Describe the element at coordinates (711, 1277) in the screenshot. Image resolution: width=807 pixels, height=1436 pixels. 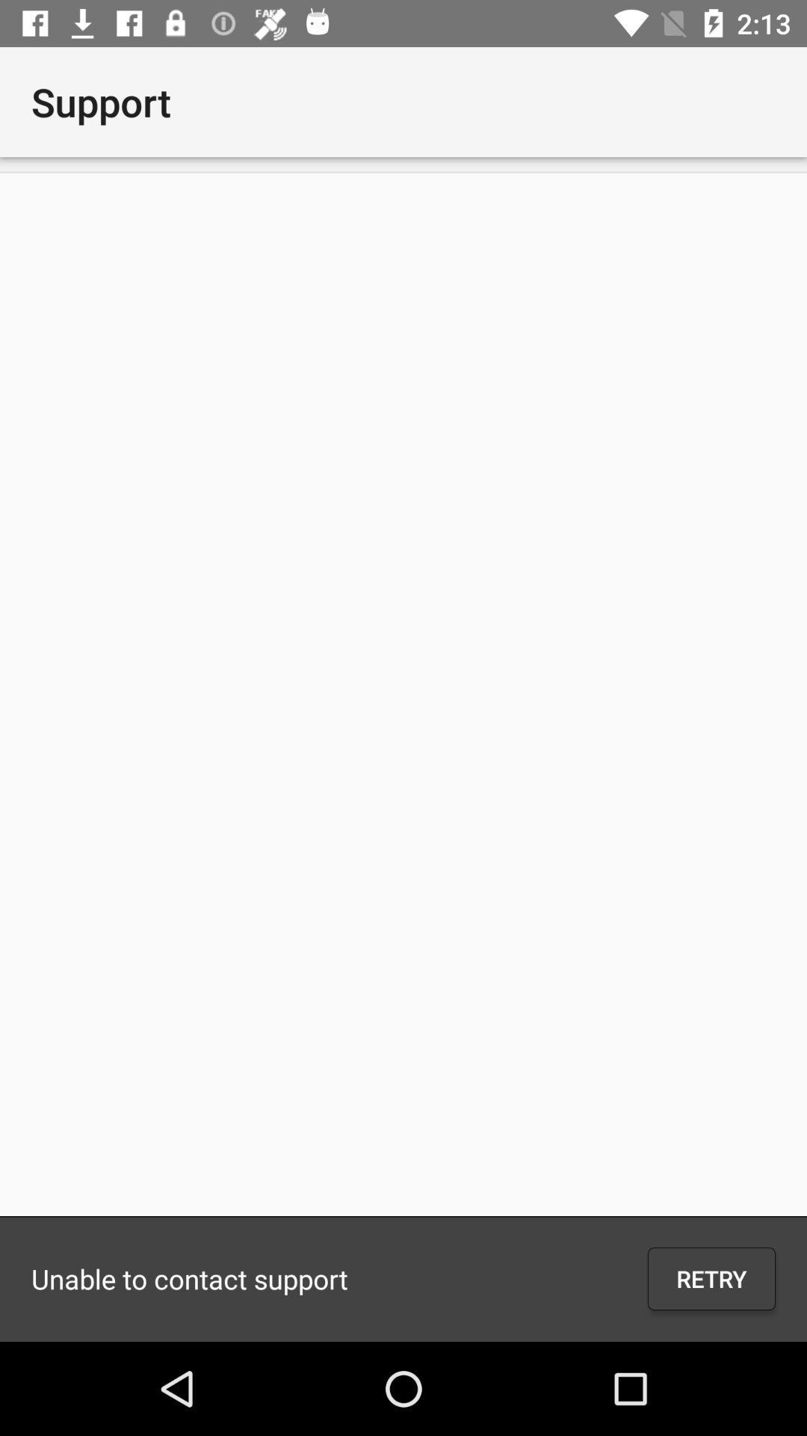
I see `retry icon` at that location.